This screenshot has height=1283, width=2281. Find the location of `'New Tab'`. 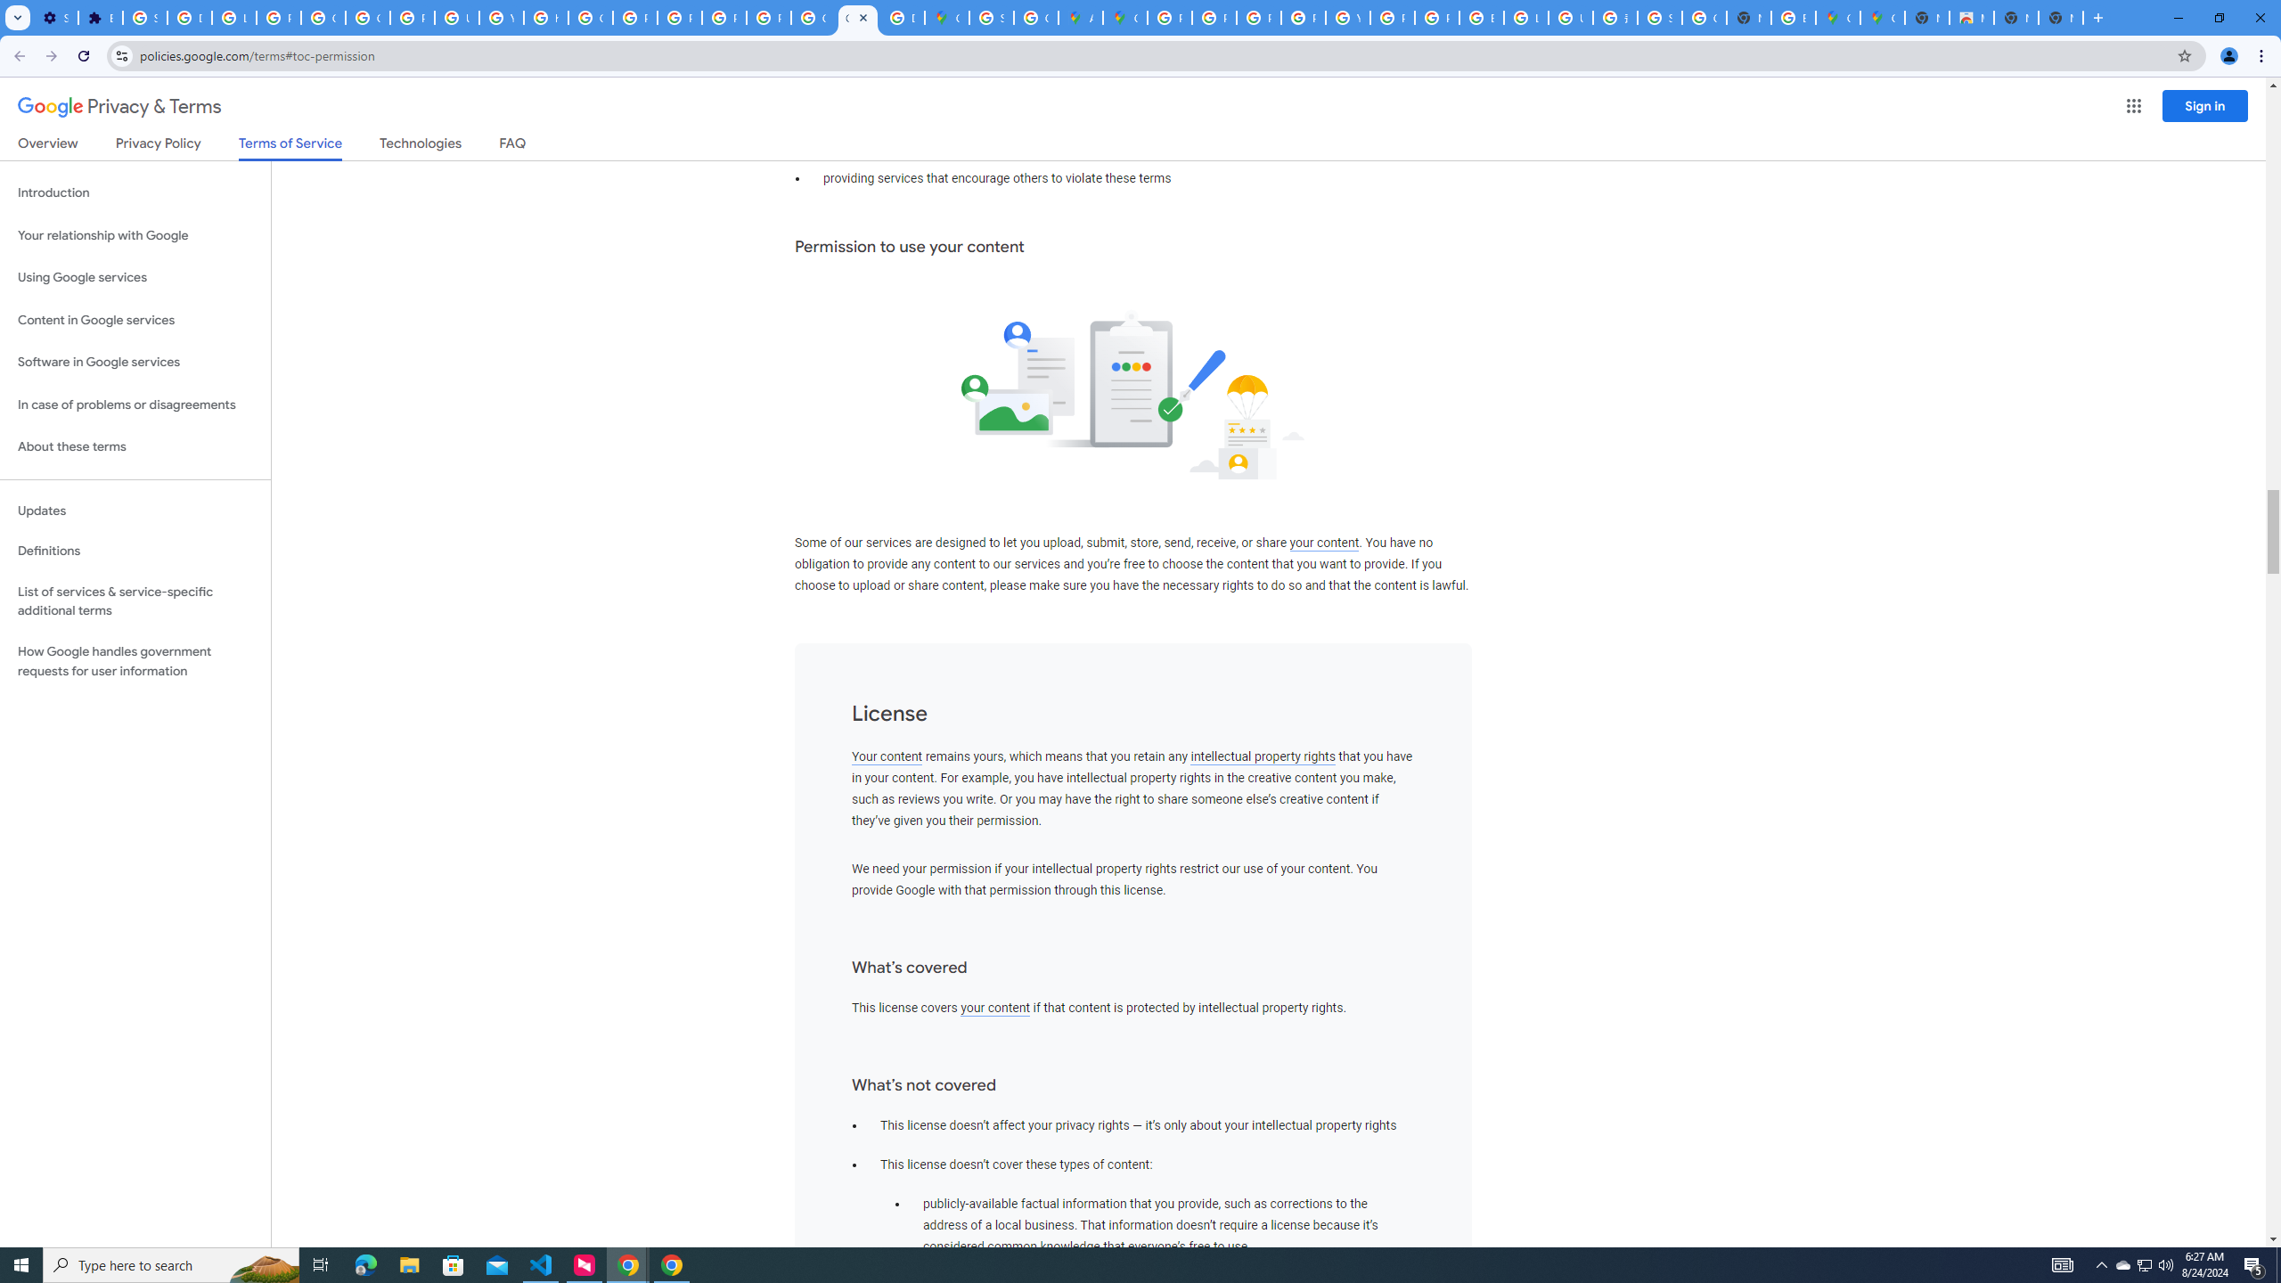

'New Tab' is located at coordinates (2096, 17).